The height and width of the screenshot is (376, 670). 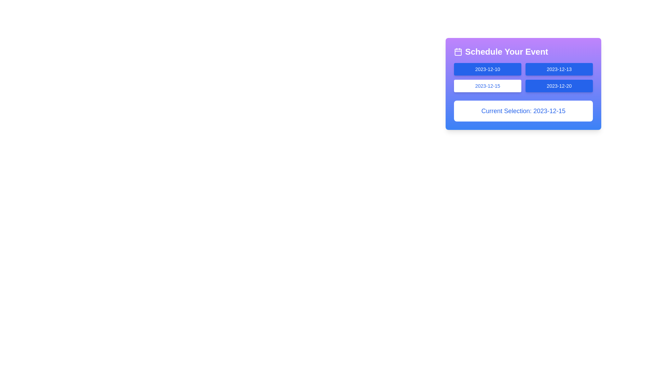 What do you see at coordinates (458, 52) in the screenshot?
I see `SVG Rectangle representing the date selection functionality within the calendar icon of the 'Schedule Your Event' panel, located on the top-right side of the interface` at bounding box center [458, 52].